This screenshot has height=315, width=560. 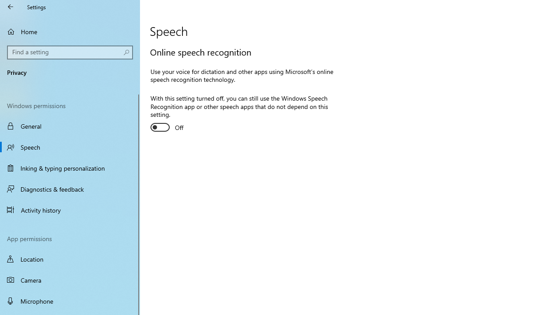 I want to click on 'Speech', so click(x=70, y=146).